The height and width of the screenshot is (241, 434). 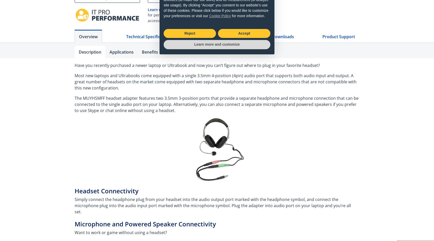 What do you see at coordinates (166, 52) in the screenshot?
I see `'Partner Numbers'` at bounding box center [166, 52].